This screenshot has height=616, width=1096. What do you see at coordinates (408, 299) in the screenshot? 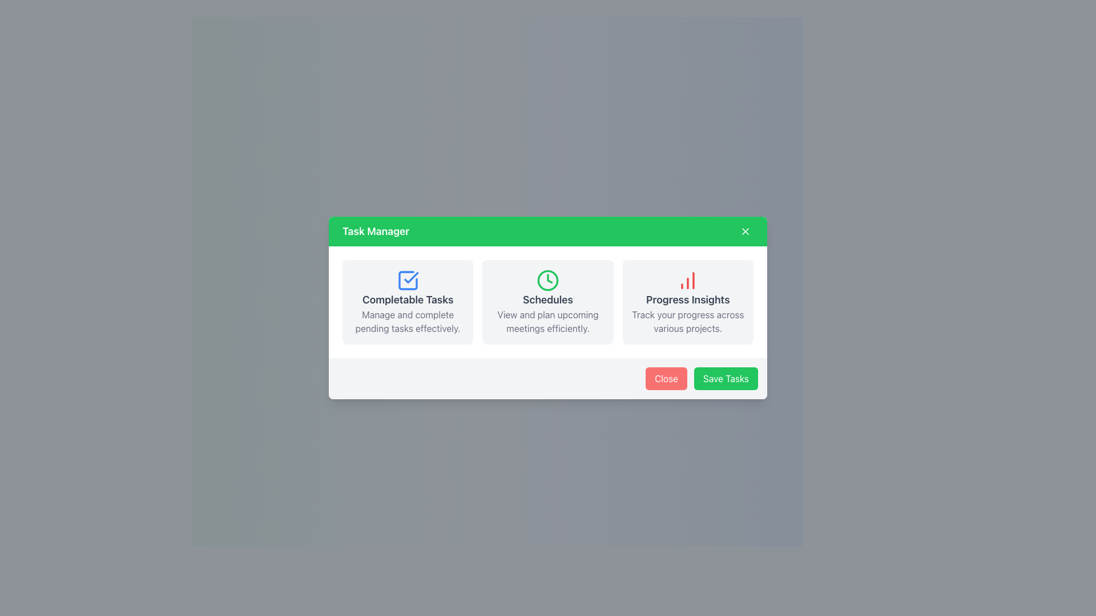
I see `text displayed in the 'Completable Tasks' label, which is bold and gray, positioned centrally beneath the checkmark icon` at bounding box center [408, 299].